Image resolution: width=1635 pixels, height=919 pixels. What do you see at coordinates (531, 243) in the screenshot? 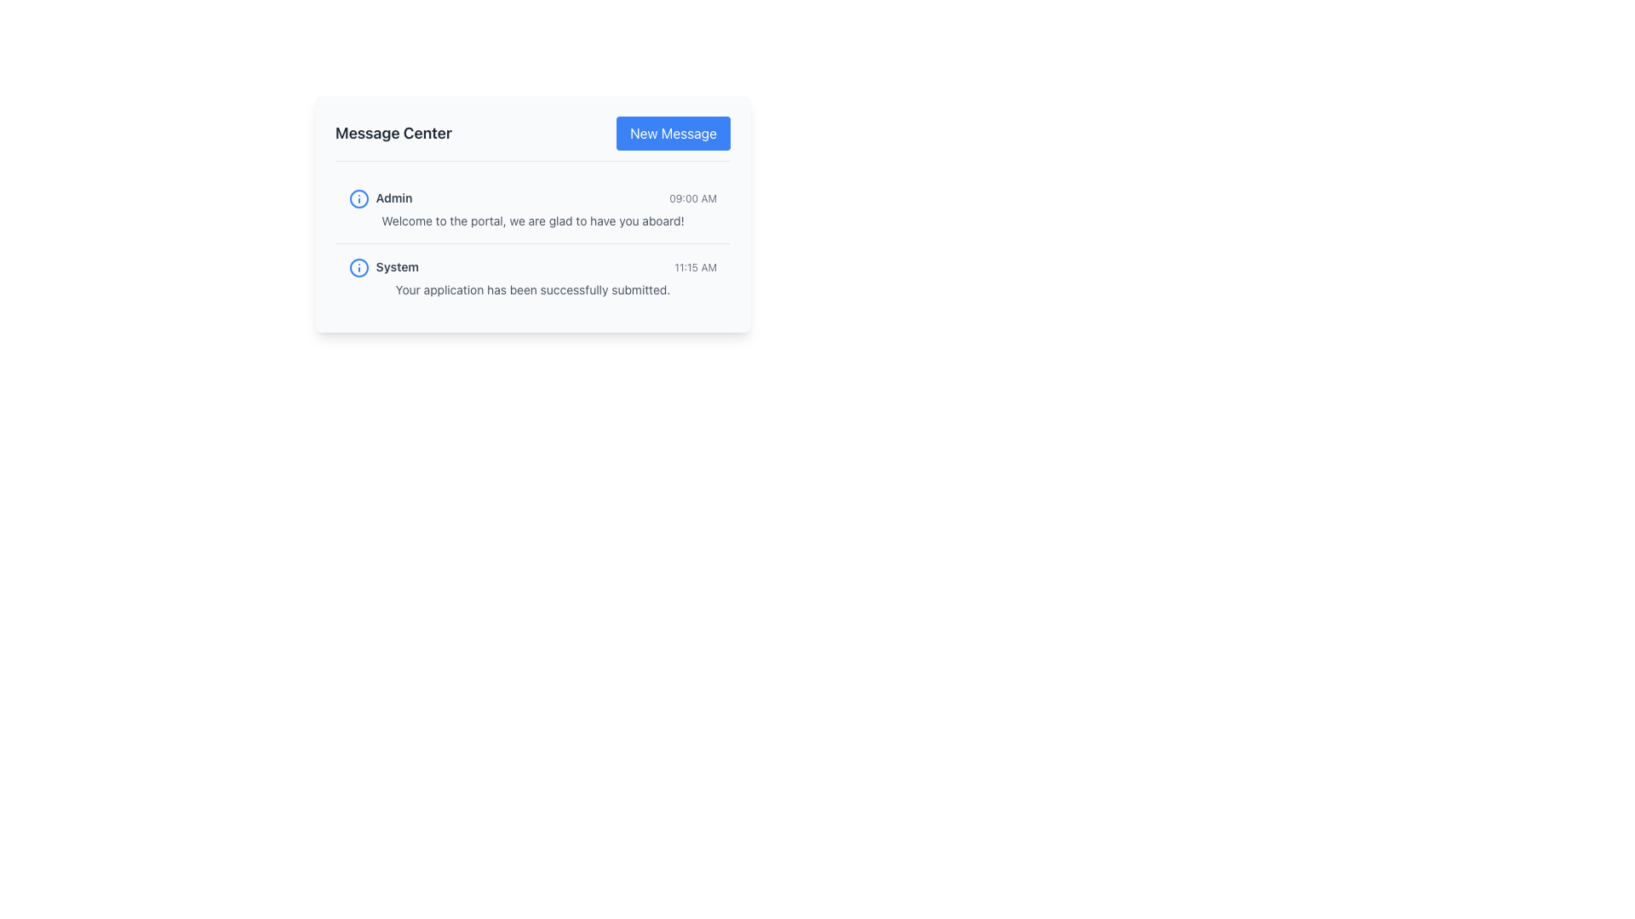
I see `the Message List section that displays a conversation log with messages from 'Admin' and 'System', including timestamps and message bodies` at bounding box center [531, 243].